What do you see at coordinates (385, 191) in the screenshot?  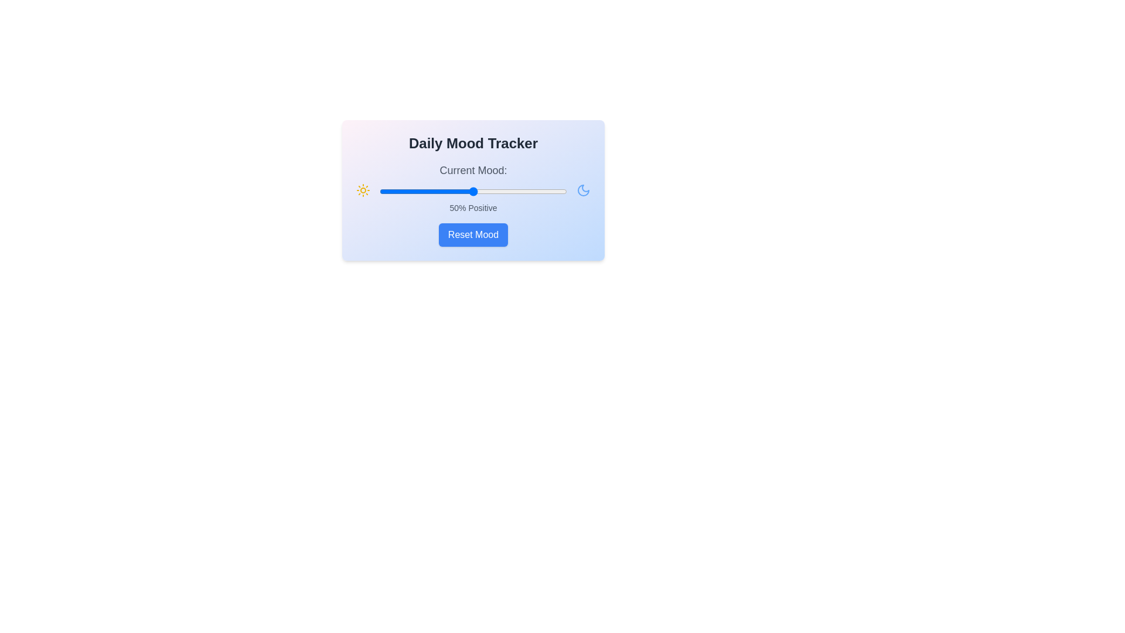 I see `the mood slider` at bounding box center [385, 191].